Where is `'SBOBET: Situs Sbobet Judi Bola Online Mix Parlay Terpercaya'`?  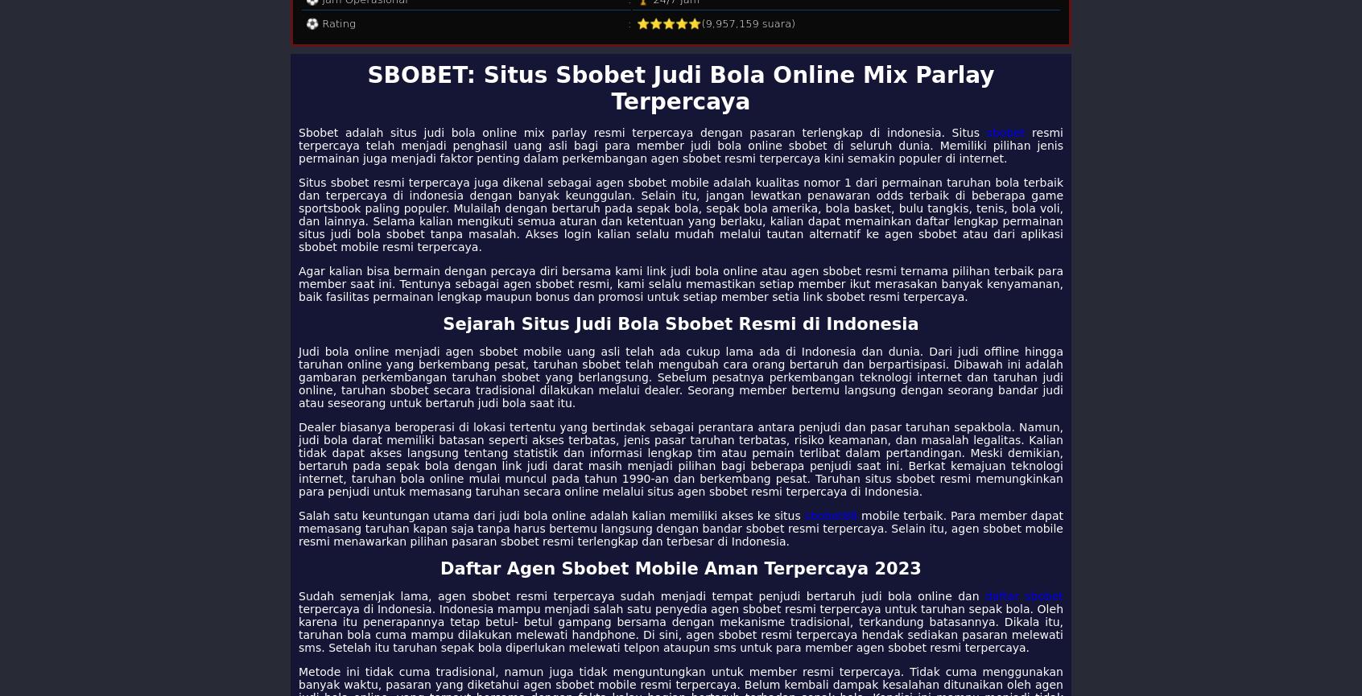 'SBOBET: Situs Sbobet Judi Bola Online Mix Parlay Terpercaya' is located at coordinates (365, 89).